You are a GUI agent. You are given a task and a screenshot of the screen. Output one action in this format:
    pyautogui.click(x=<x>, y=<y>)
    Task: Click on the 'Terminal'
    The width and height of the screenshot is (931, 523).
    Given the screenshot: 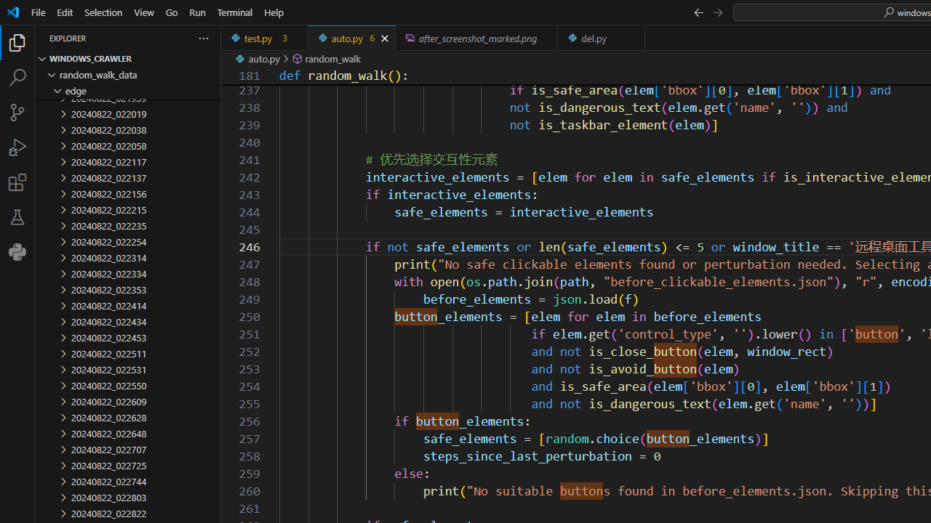 What is the action you would take?
    pyautogui.click(x=235, y=12)
    